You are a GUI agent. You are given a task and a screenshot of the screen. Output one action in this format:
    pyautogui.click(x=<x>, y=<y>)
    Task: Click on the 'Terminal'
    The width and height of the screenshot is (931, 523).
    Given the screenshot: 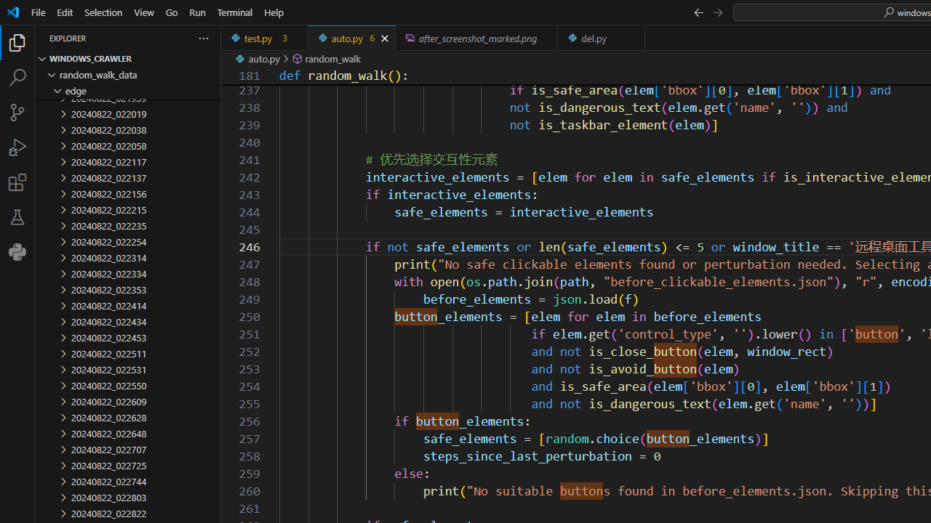 What is the action you would take?
    pyautogui.click(x=235, y=12)
    